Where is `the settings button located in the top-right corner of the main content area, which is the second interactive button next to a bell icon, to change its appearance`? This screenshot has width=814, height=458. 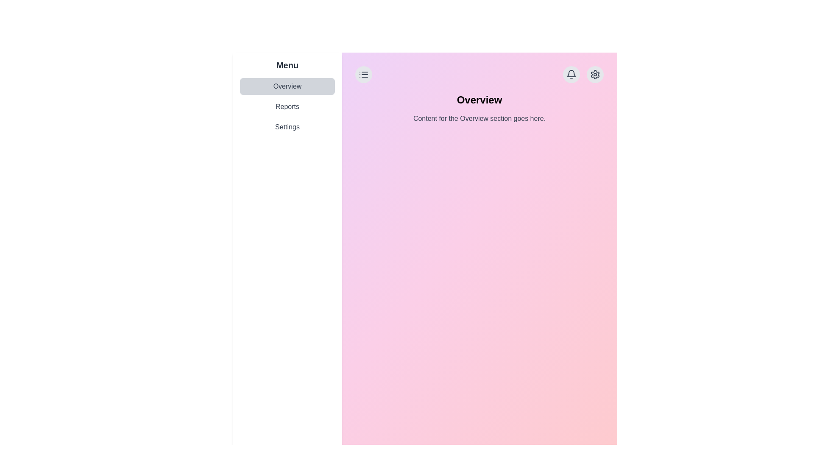
the settings button located in the top-right corner of the main content area, which is the second interactive button next to a bell icon, to change its appearance is located at coordinates (594, 74).